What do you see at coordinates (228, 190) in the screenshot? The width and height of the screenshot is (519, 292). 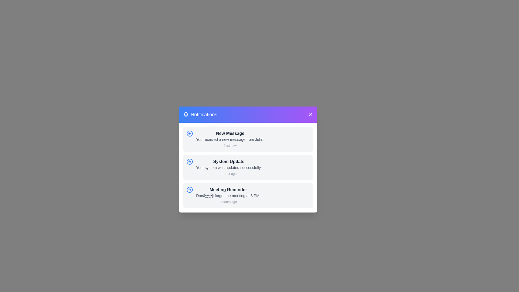 I see `the 'Meeting Reminder' text label, which is in bold dark gray font within the notifications panel` at bounding box center [228, 190].